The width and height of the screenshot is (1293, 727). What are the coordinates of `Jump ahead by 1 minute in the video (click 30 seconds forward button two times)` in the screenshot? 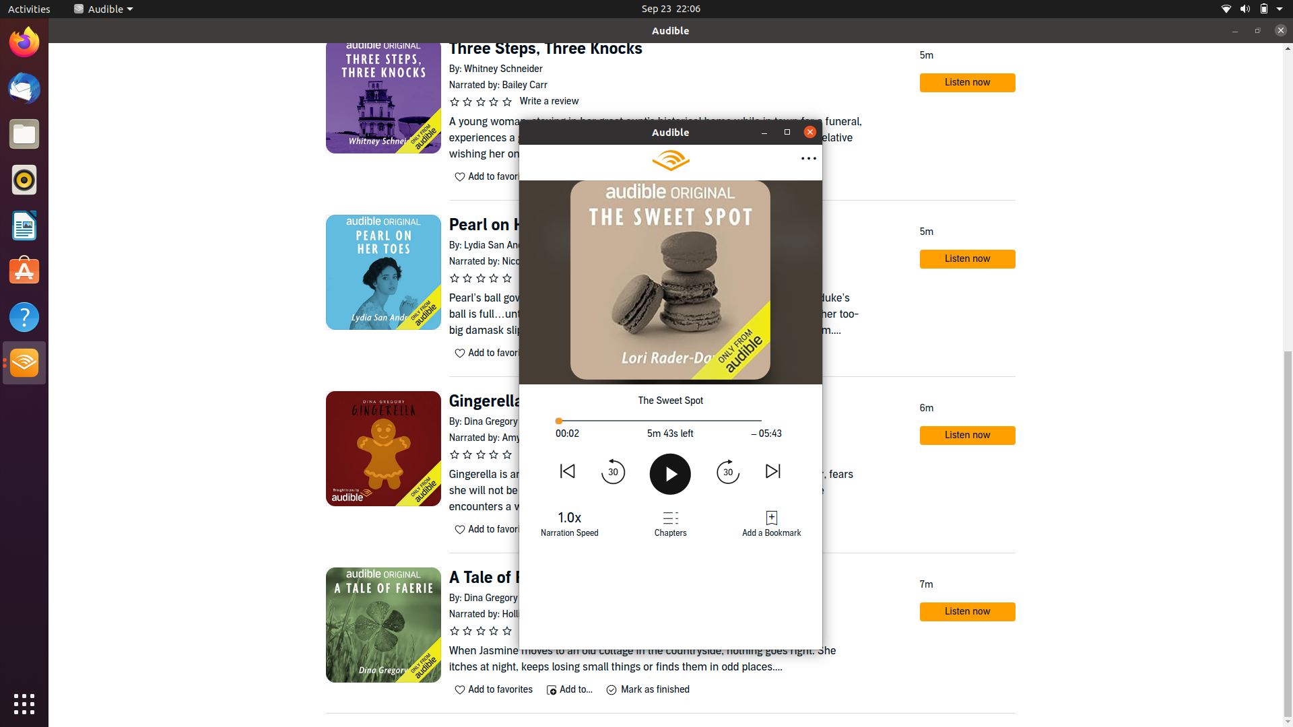 It's located at (727, 470).